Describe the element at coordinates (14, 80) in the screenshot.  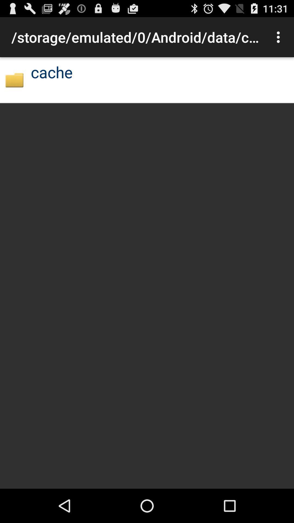
I see `app next to the cache icon` at that location.